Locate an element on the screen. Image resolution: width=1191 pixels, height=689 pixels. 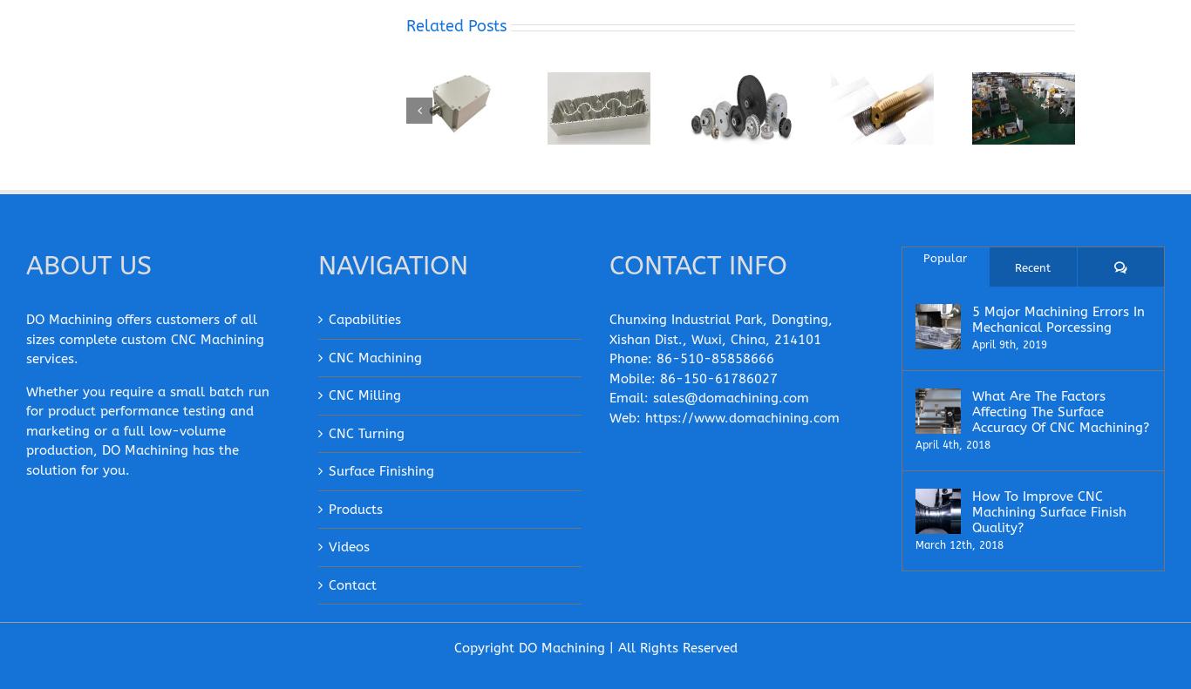
'Videos' is located at coordinates (347, 549).